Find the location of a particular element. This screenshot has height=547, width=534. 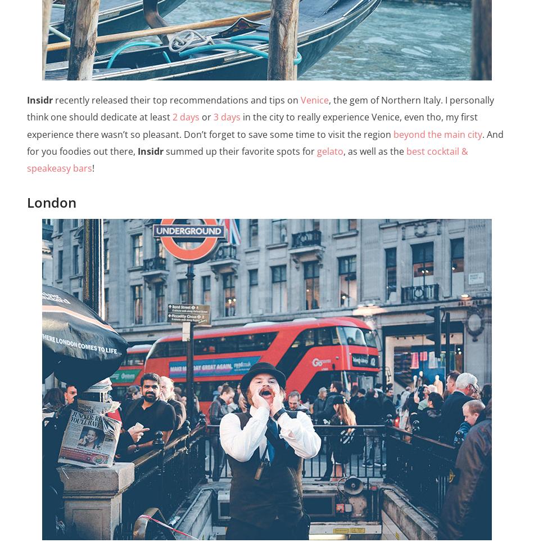

'London' is located at coordinates (51, 201).